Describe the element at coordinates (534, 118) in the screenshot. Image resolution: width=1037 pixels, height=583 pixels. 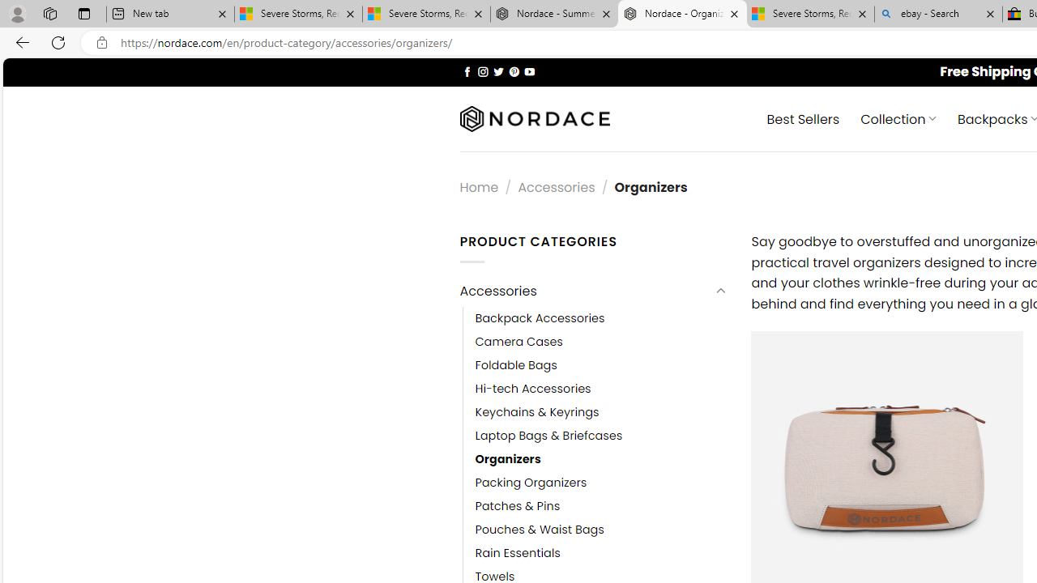
I see `'Nordace'` at that location.